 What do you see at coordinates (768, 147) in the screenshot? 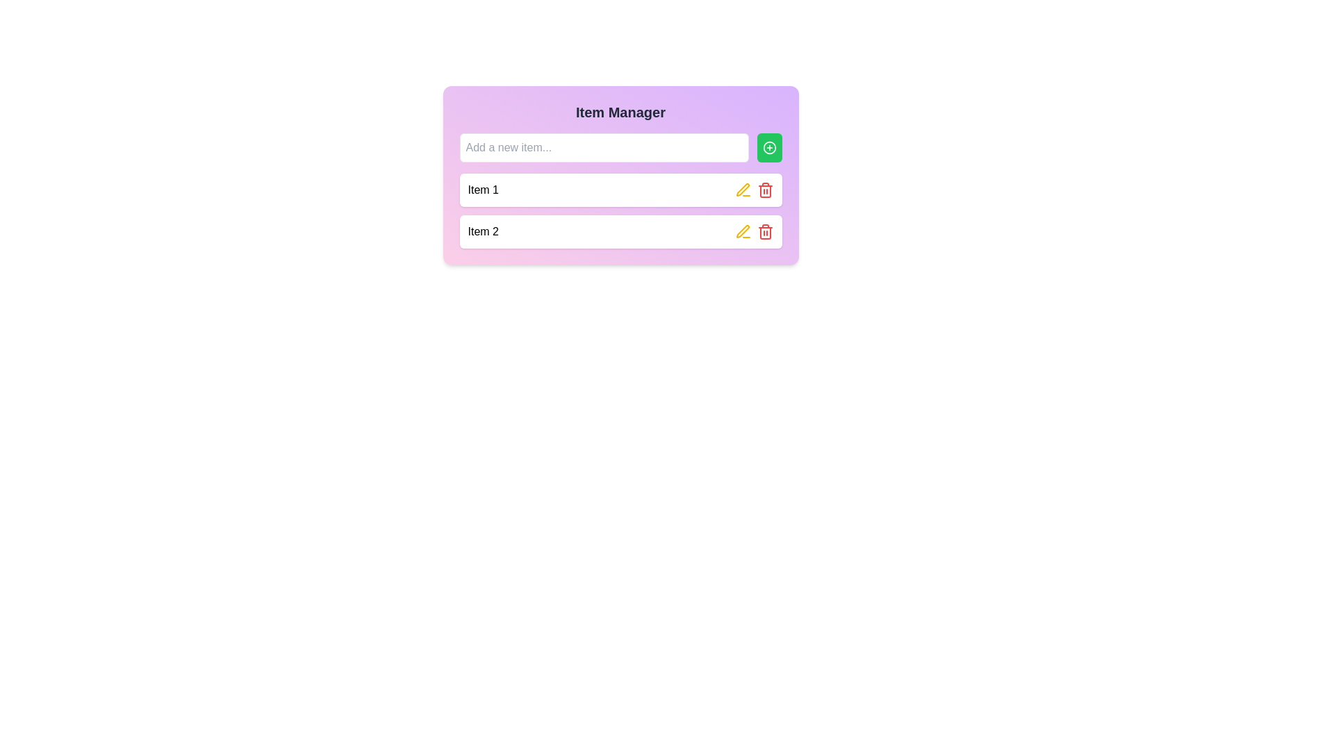
I see `the add or create button located to the immediate right of the 'Add a new item...' input field` at bounding box center [768, 147].